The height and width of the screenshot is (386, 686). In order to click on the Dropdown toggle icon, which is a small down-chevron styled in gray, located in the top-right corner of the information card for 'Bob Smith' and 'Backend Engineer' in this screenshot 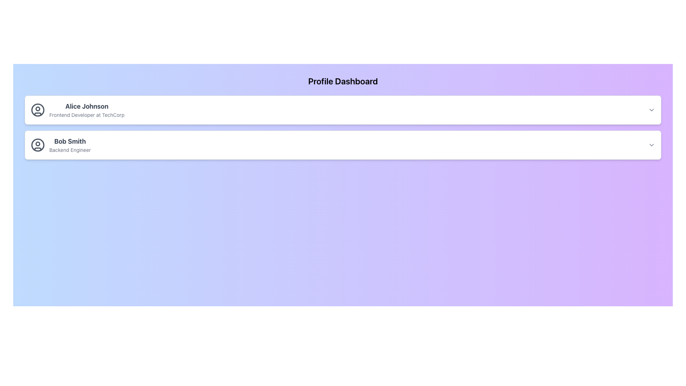, I will do `click(652, 145)`.